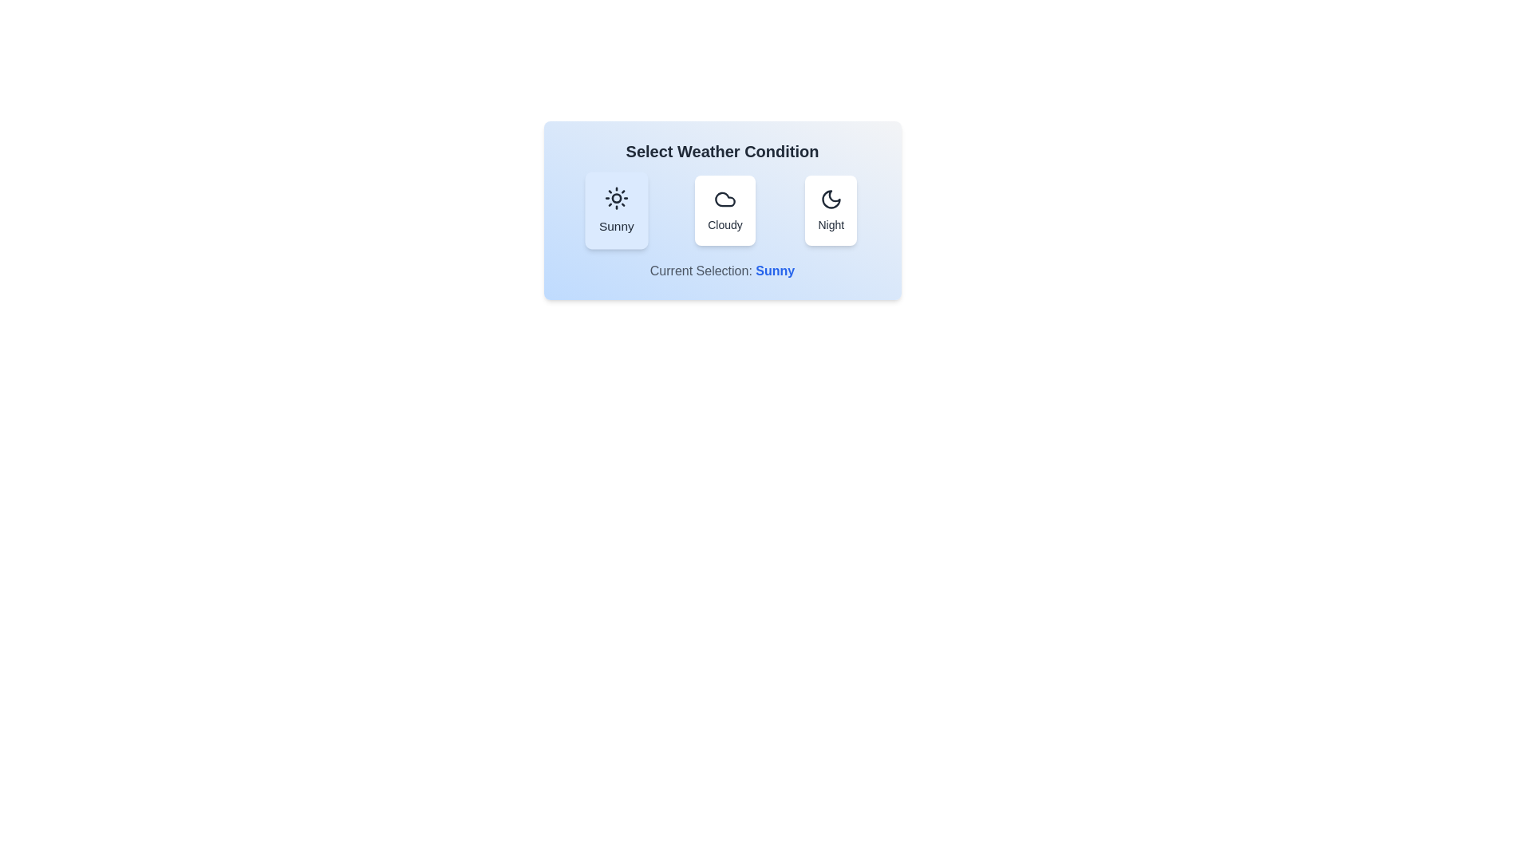 This screenshot has height=862, width=1532. What do you see at coordinates (724, 209) in the screenshot?
I see `the weather condition Cloudy by clicking the corresponding button` at bounding box center [724, 209].